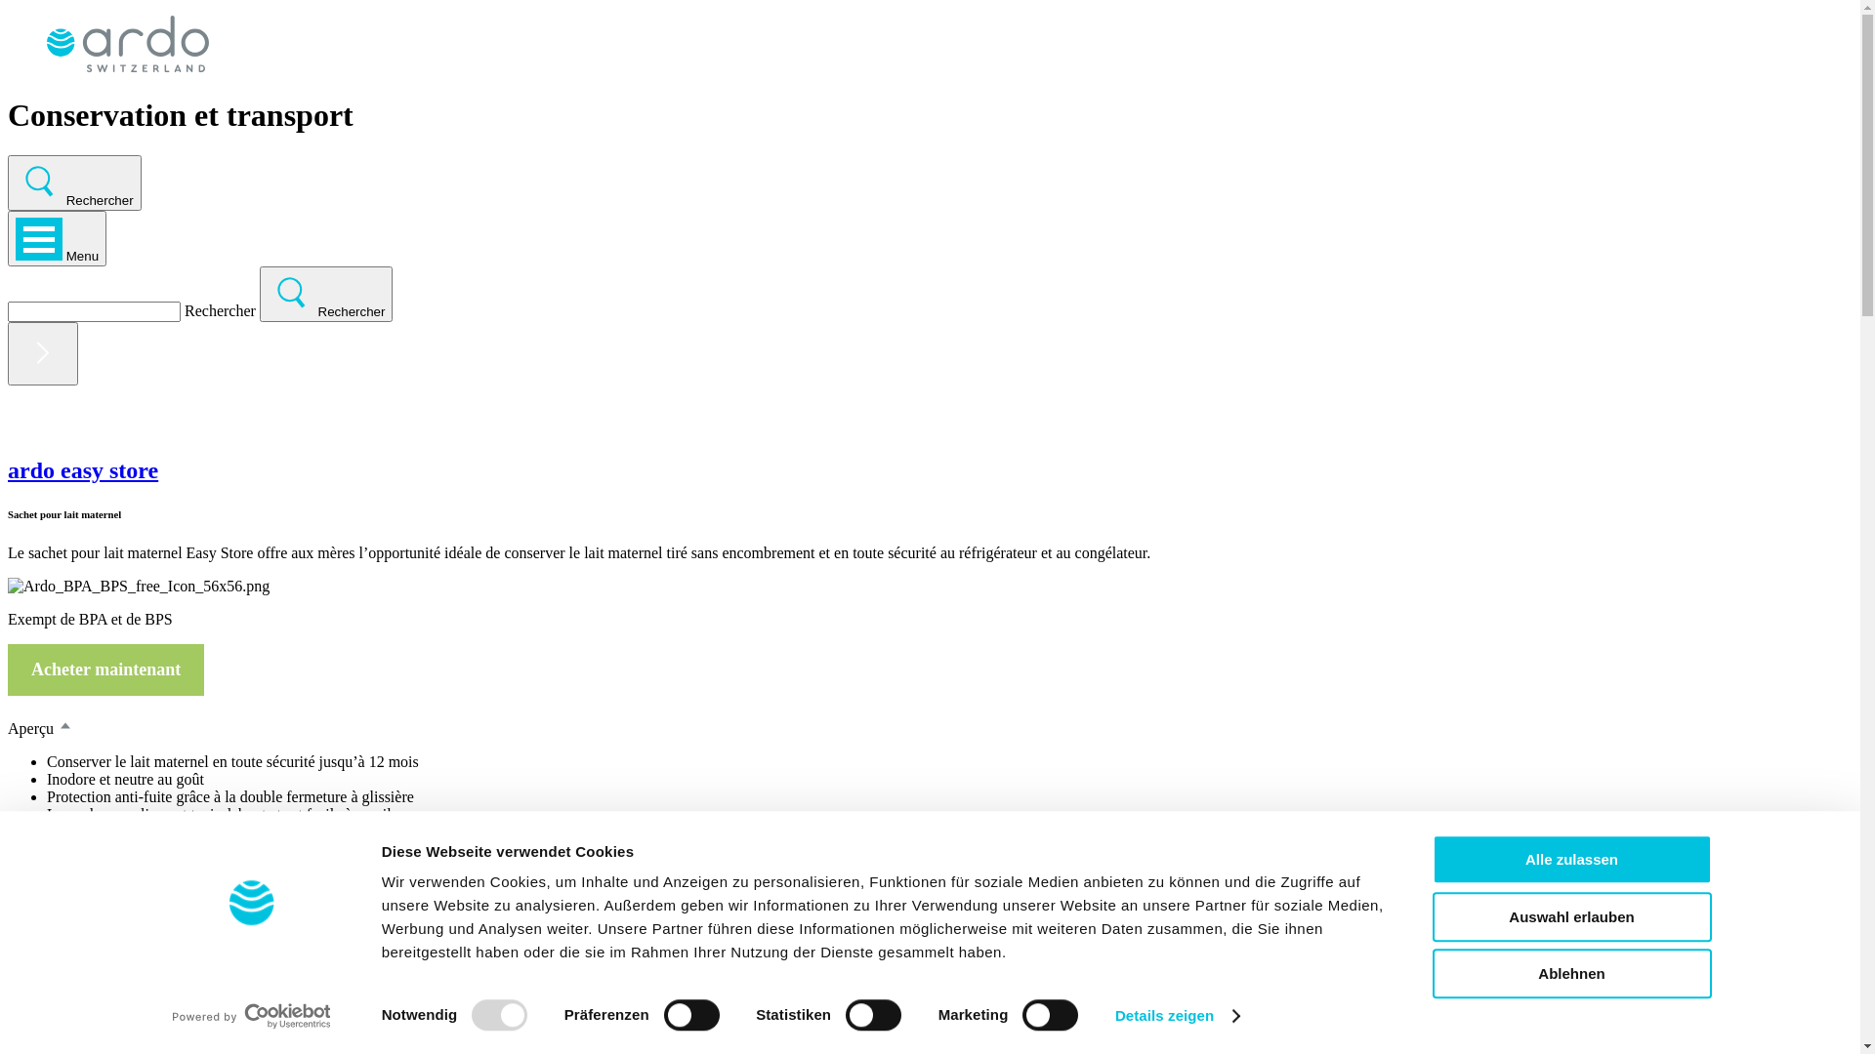  Describe the element at coordinates (8, 237) in the screenshot. I see `'Menu'` at that location.